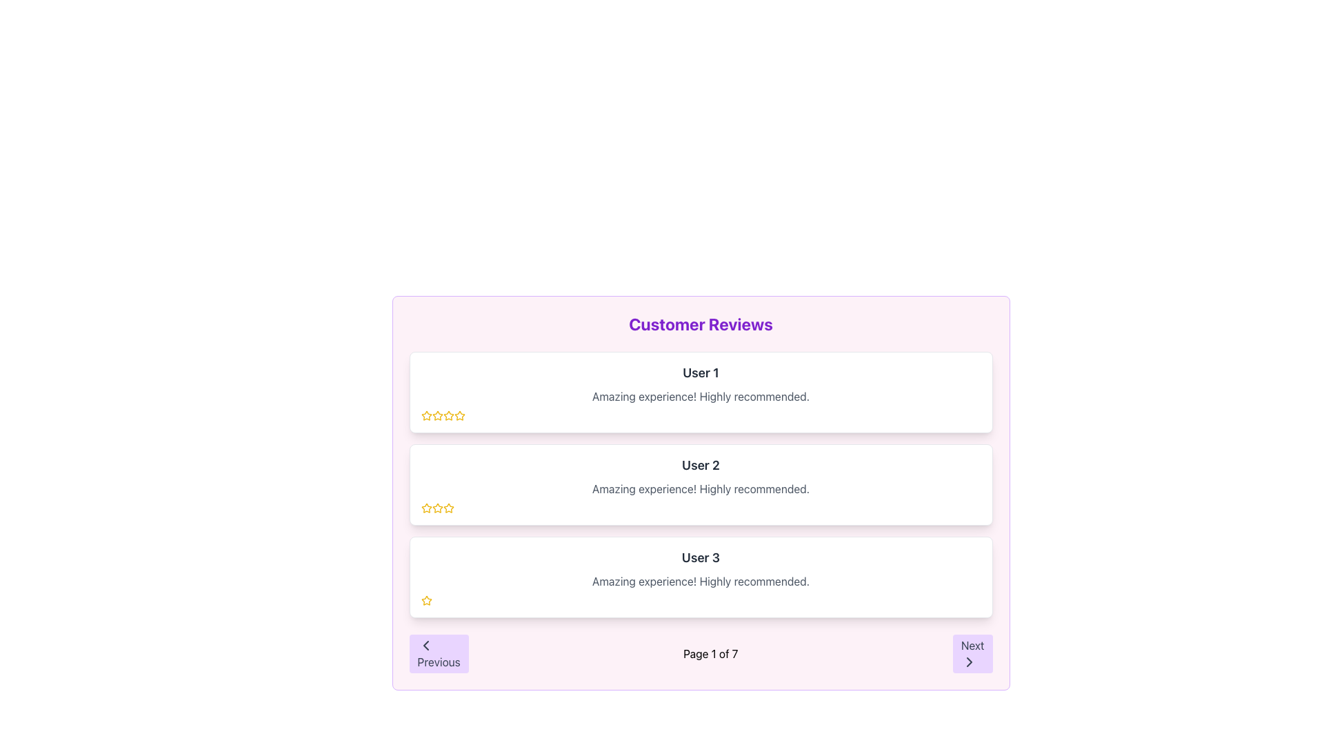 The image size is (1324, 745). I want to click on the text block containing the phrase 'Amazing experience! Highly recommended.' which is centrally aligned beneath the name 'User 3.', so click(701, 582).